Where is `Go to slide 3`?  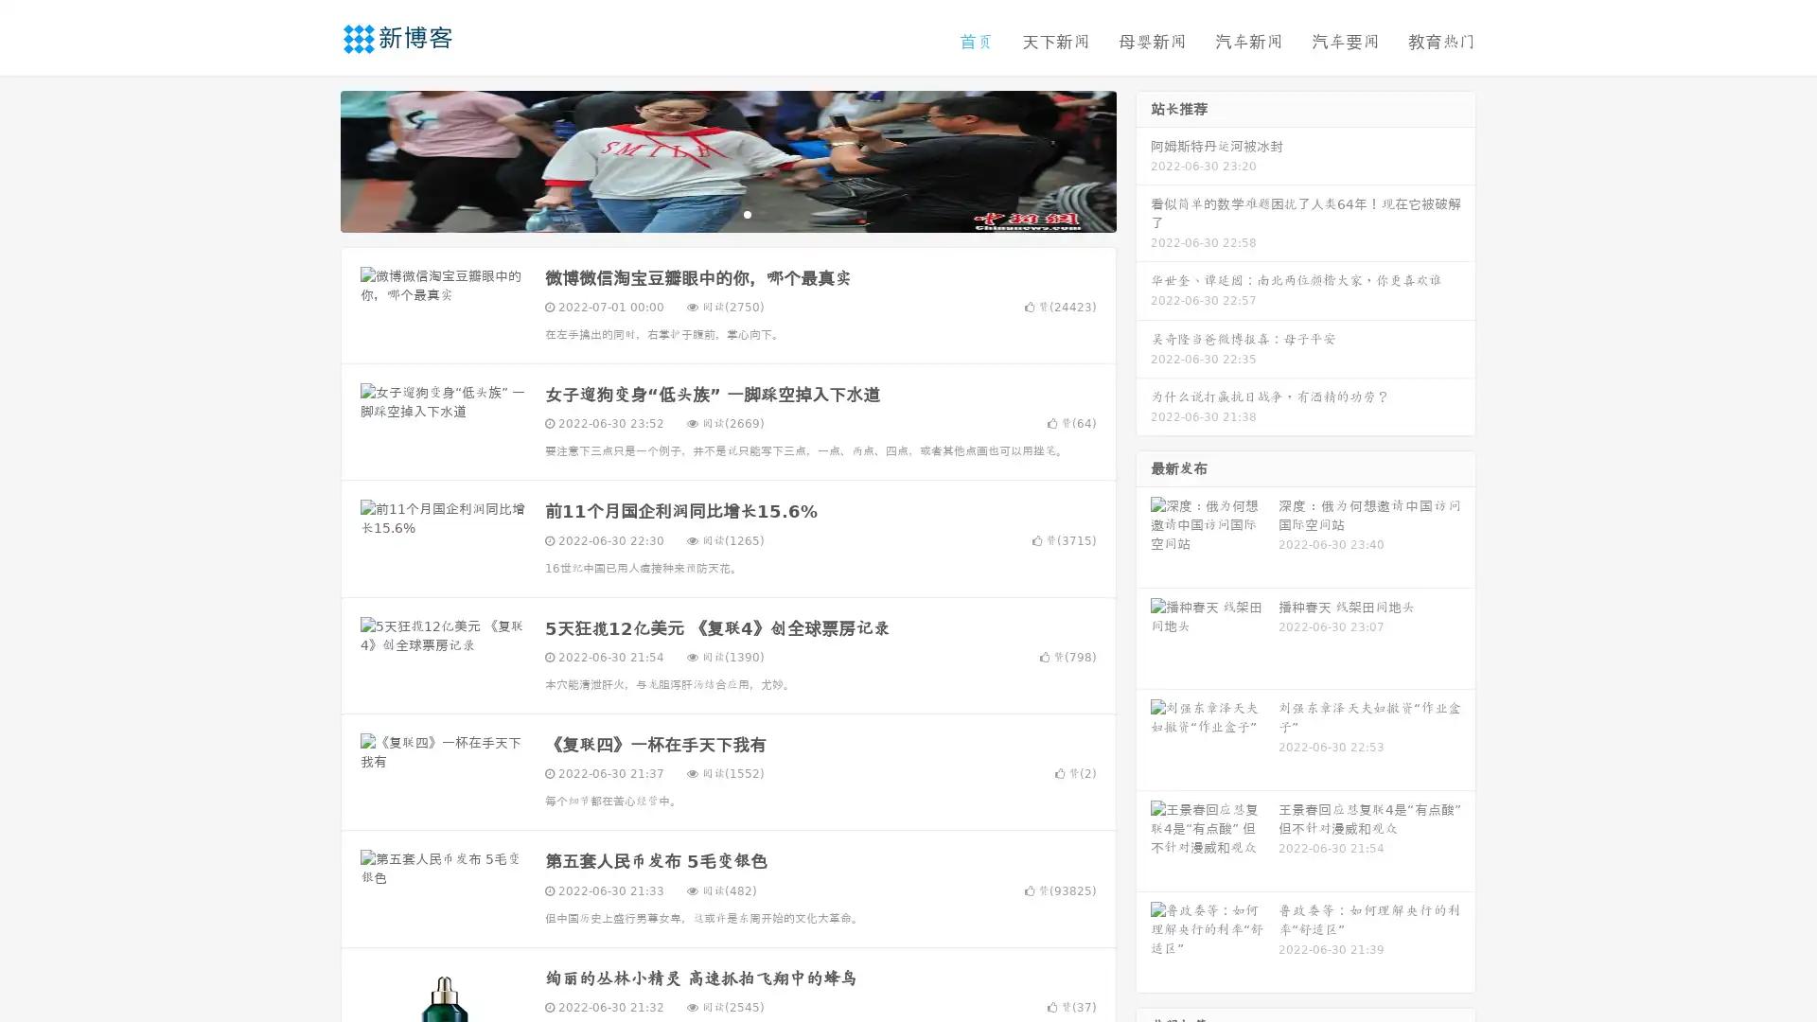
Go to slide 3 is located at coordinates (747, 213).